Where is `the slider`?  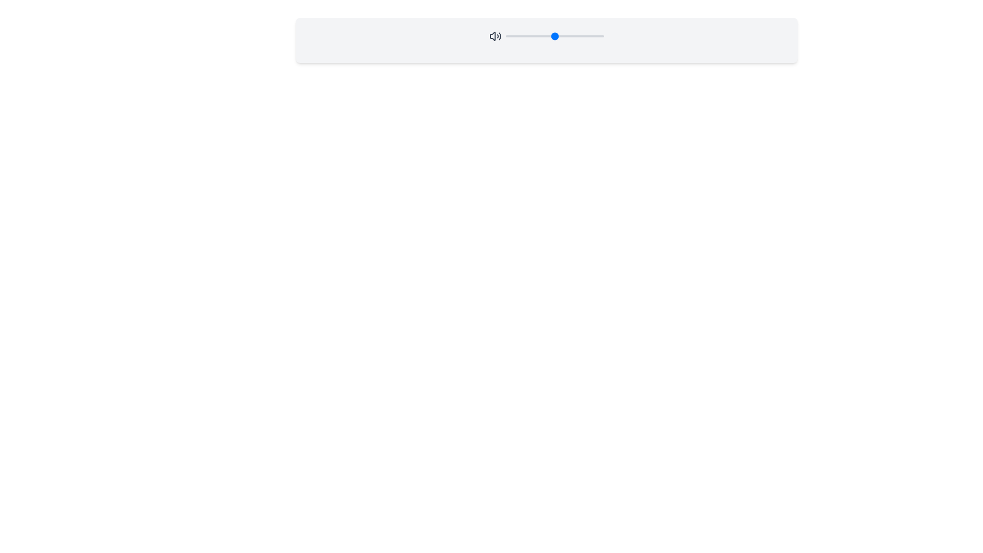 the slider is located at coordinates (540, 35).